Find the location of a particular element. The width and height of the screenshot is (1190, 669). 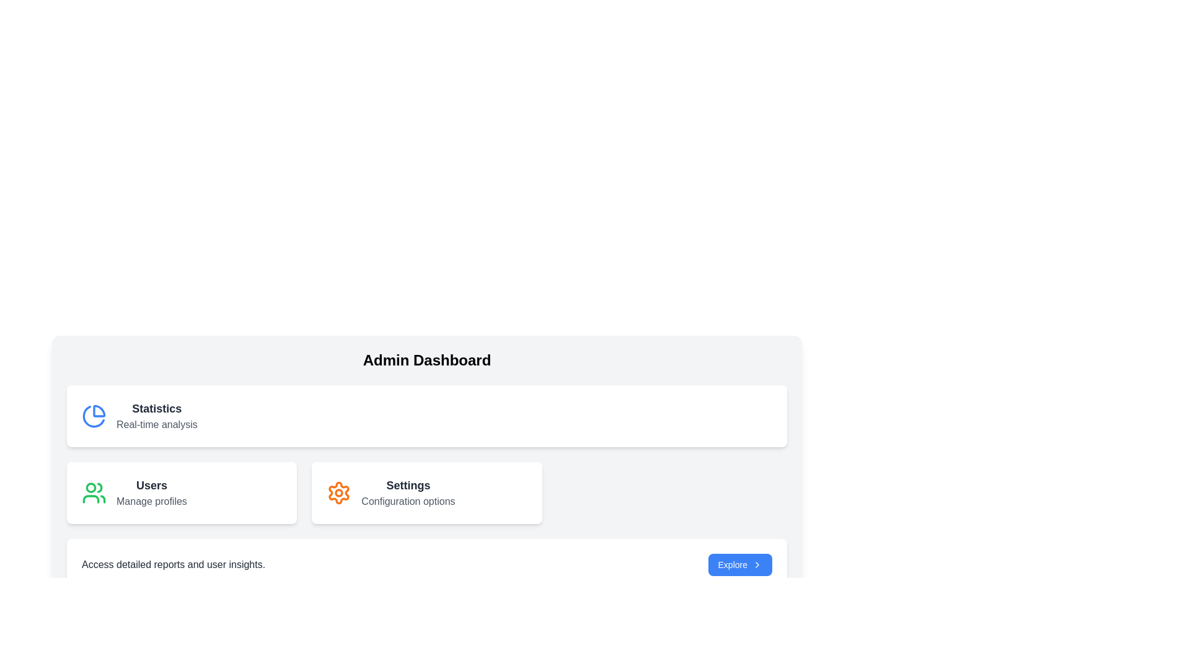

the 'Explore' button, which is a rectangular button with a vivid blue background and white text, located at the bottom-right corner of the panel is located at coordinates (740, 564).